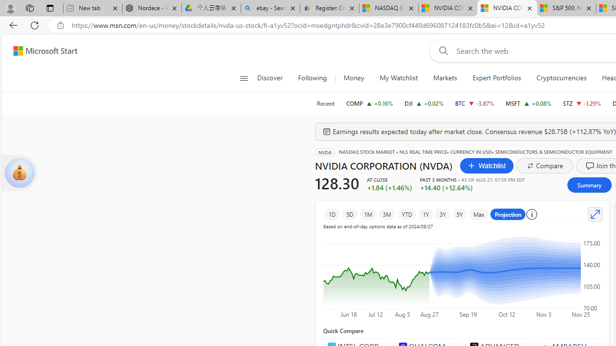  What do you see at coordinates (244, 78) in the screenshot?
I see `'Open navigation menu'` at bounding box center [244, 78].